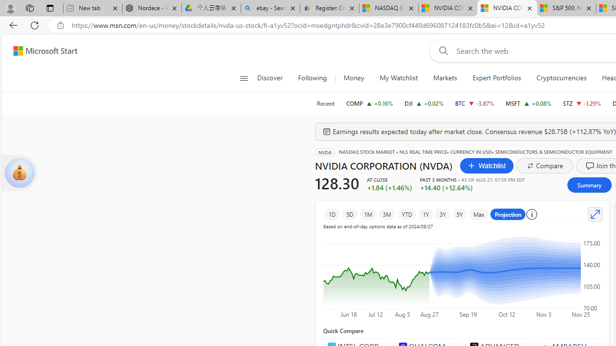  What do you see at coordinates (244, 78) in the screenshot?
I see `'Open navigation menu'` at bounding box center [244, 78].